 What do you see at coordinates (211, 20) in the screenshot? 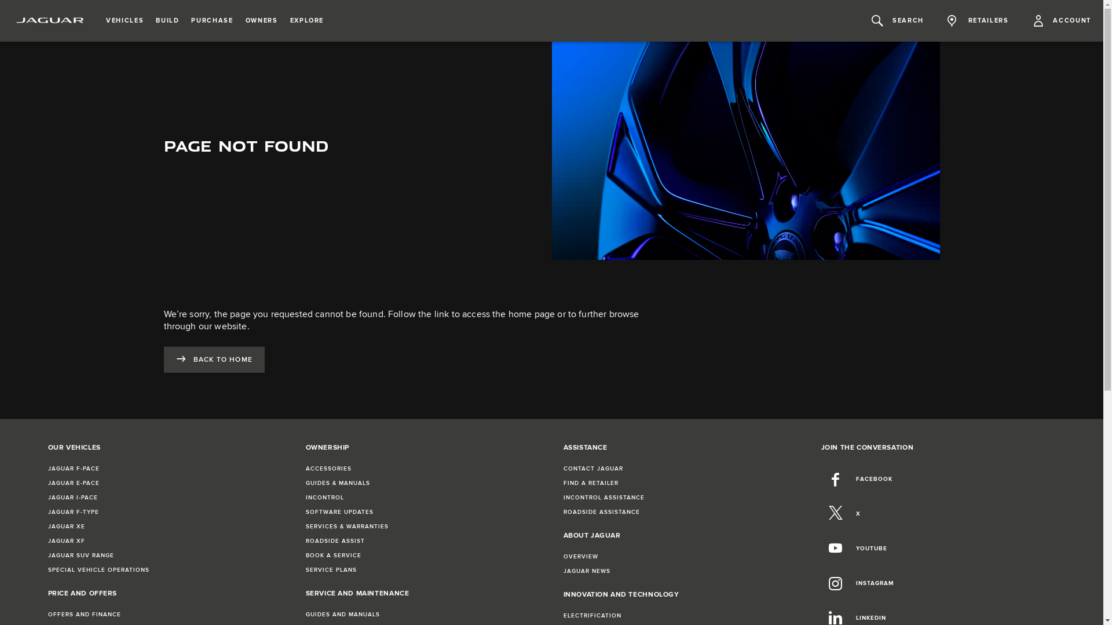
I see `'PURCHASE'` at bounding box center [211, 20].